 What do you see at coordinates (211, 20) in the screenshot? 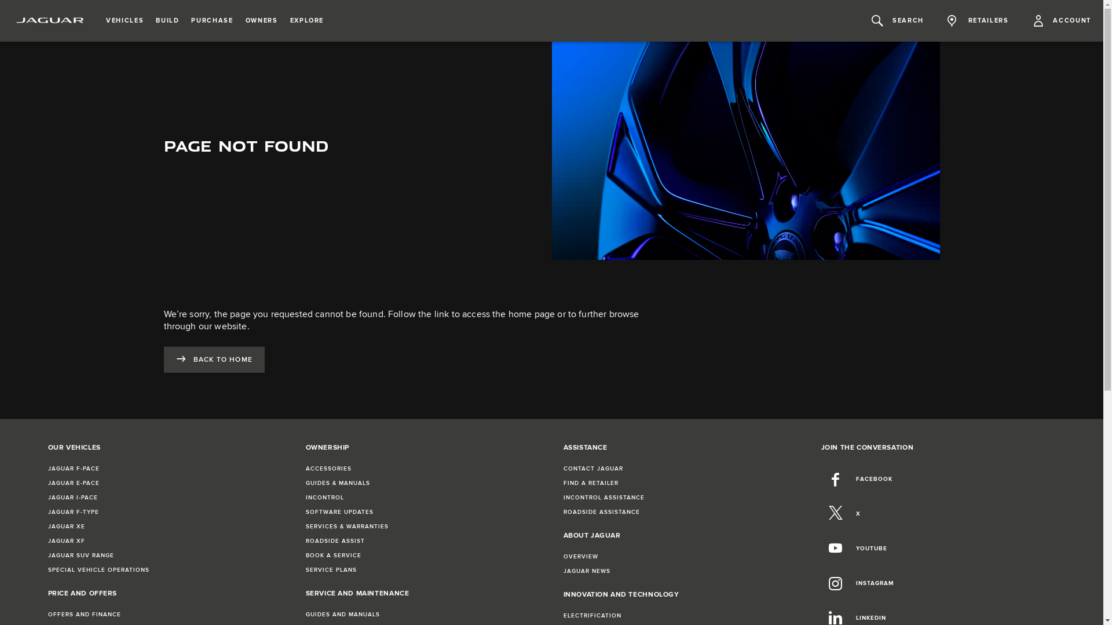
I see `'PURCHASE'` at bounding box center [211, 20].